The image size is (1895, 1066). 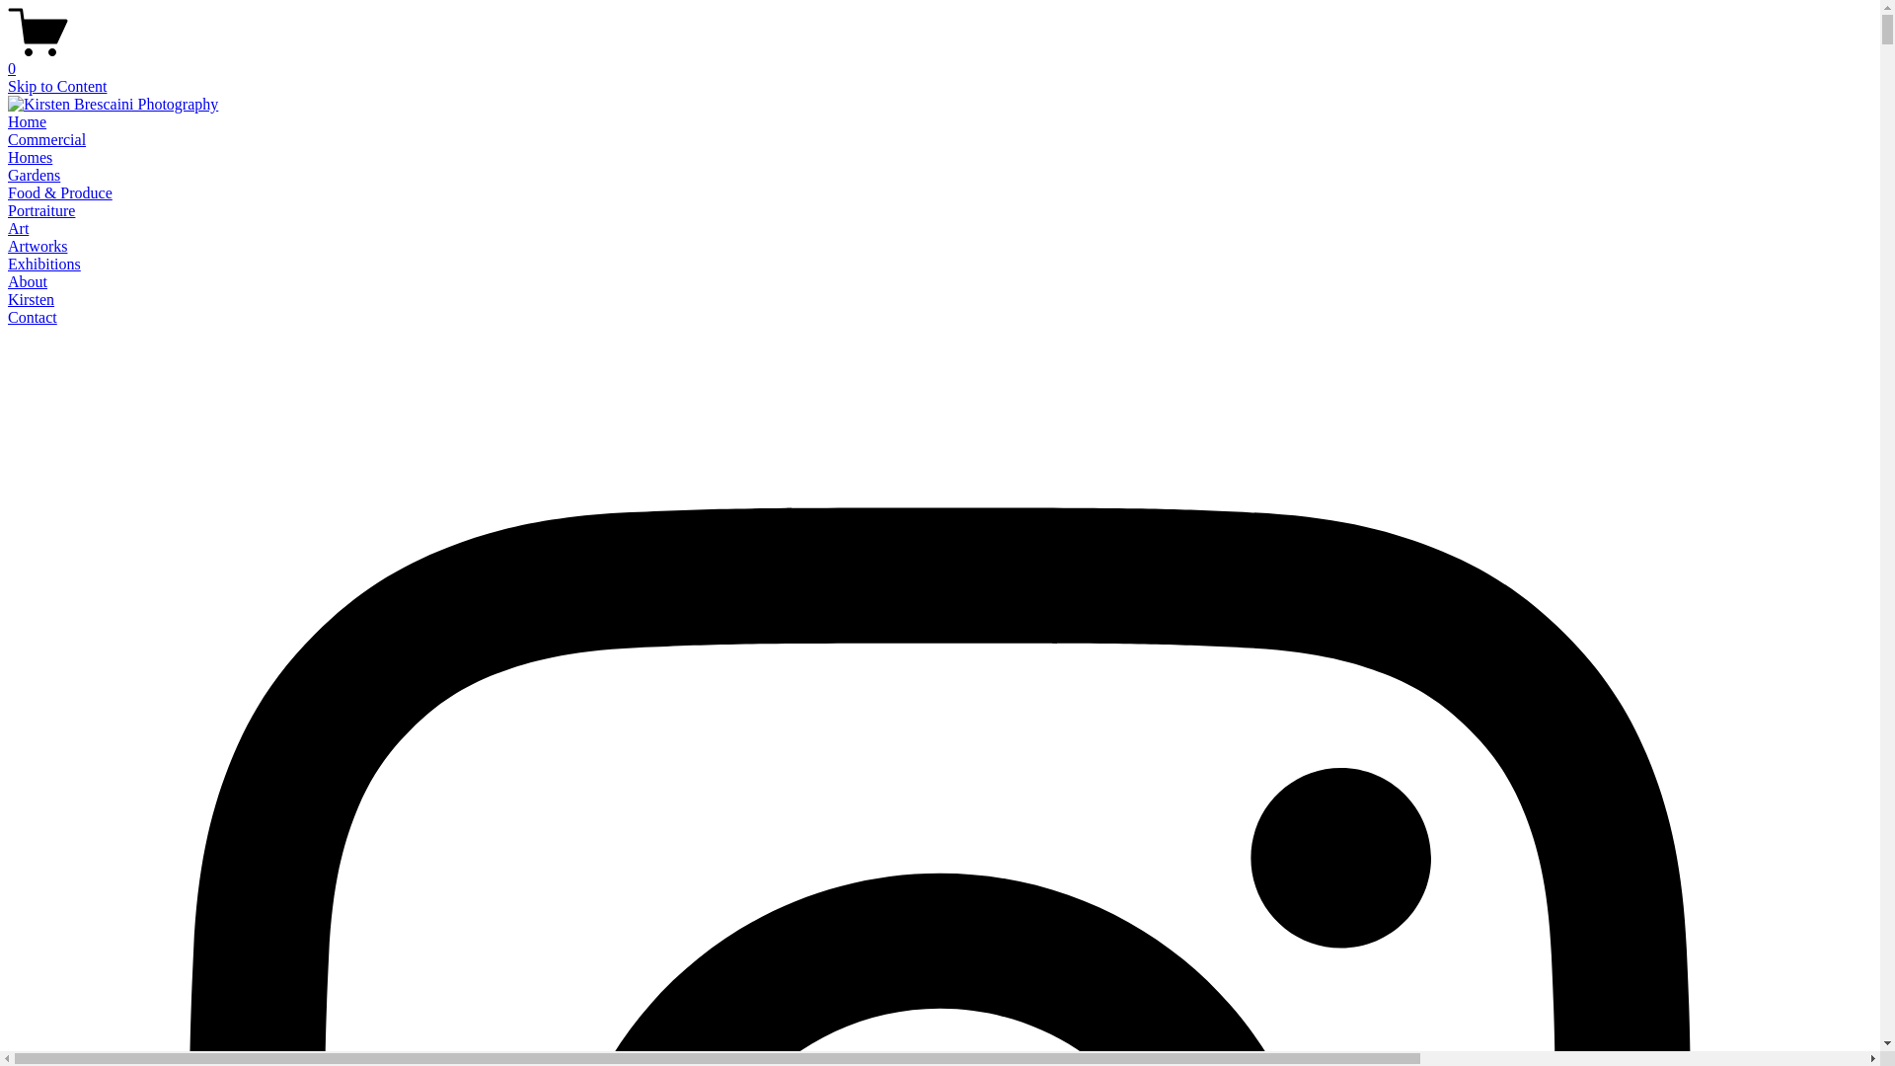 I want to click on 'Contact', so click(x=33, y=316).